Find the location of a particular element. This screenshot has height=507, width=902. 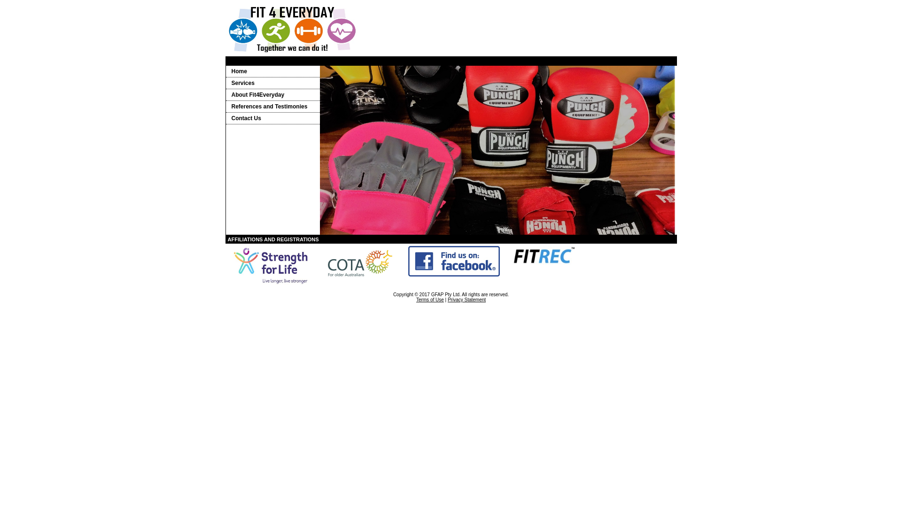

'References and Testimonies' is located at coordinates (272, 106).